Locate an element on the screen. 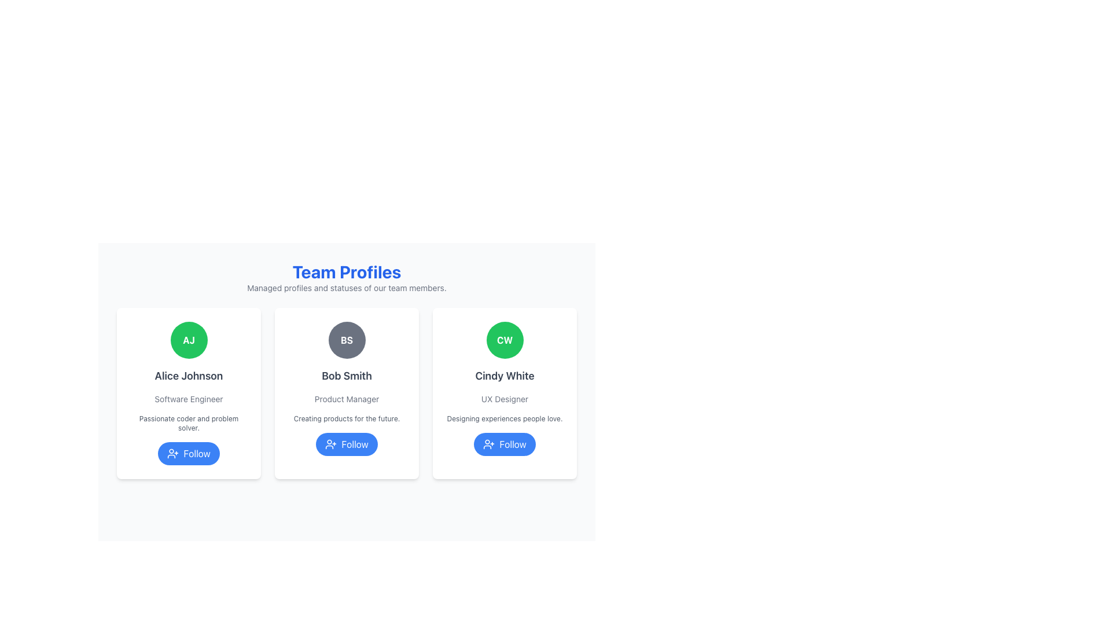 The width and height of the screenshot is (1111, 625). the Avatar or Badge for Cindy White's profile, which is positioned at the top of her card, serving as her visual identifier is located at coordinates (505, 339).